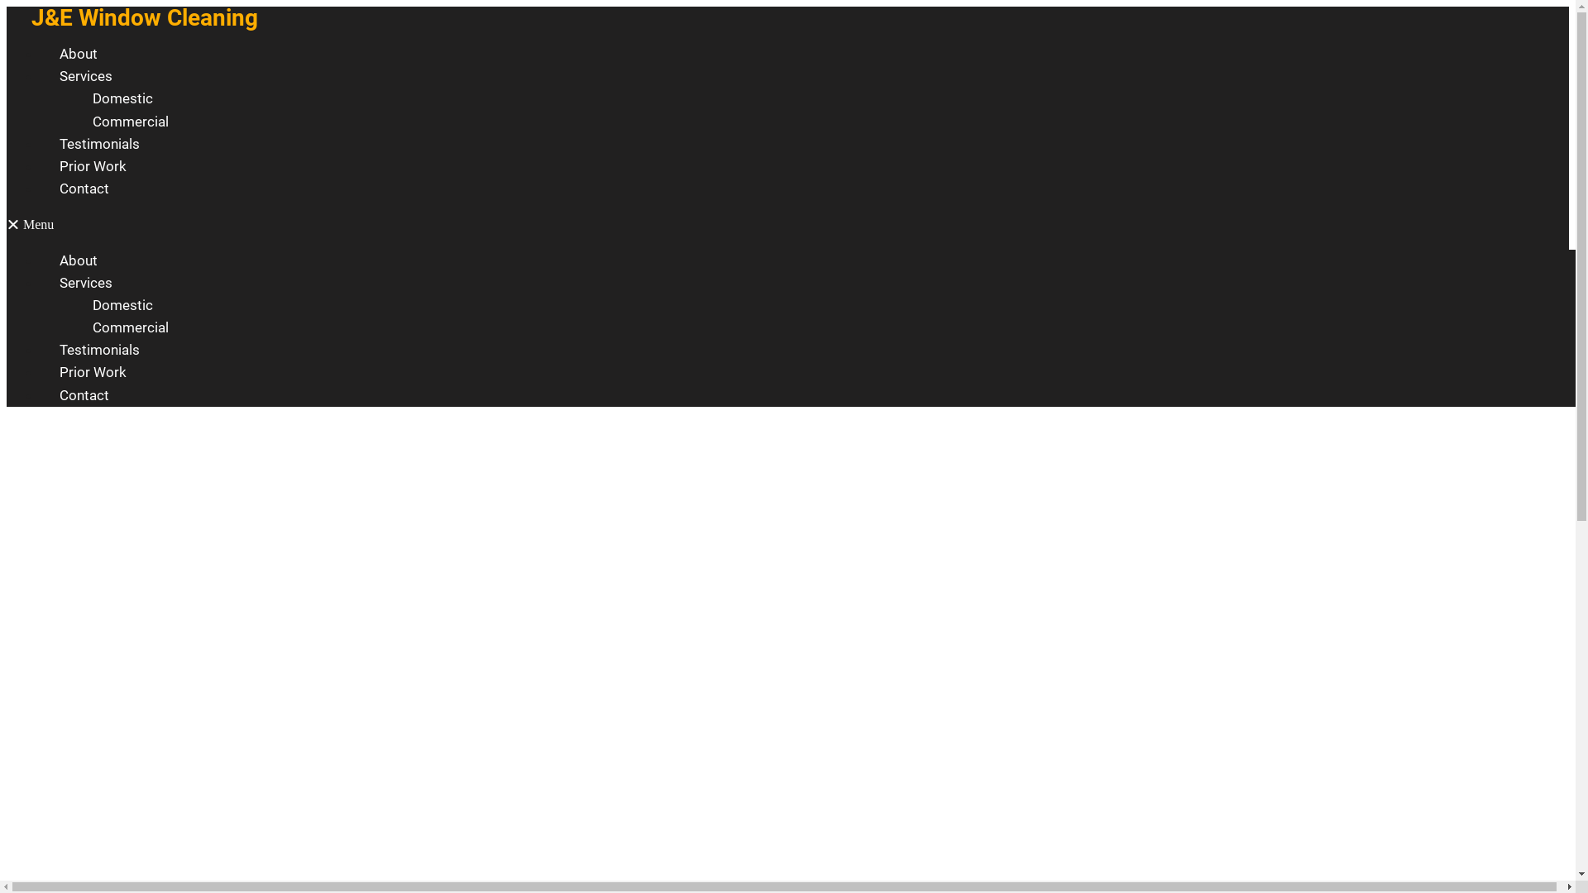 The height and width of the screenshot is (893, 1588). I want to click on 'Testimonials', so click(98, 142).